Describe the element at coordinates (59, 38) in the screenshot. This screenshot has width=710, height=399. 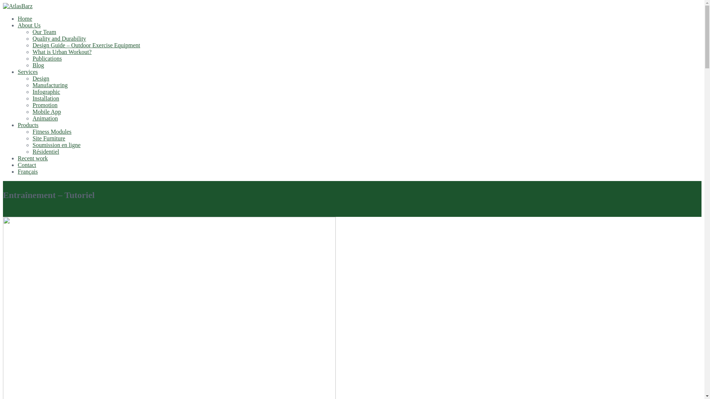
I see `'Quality and Durability'` at that location.